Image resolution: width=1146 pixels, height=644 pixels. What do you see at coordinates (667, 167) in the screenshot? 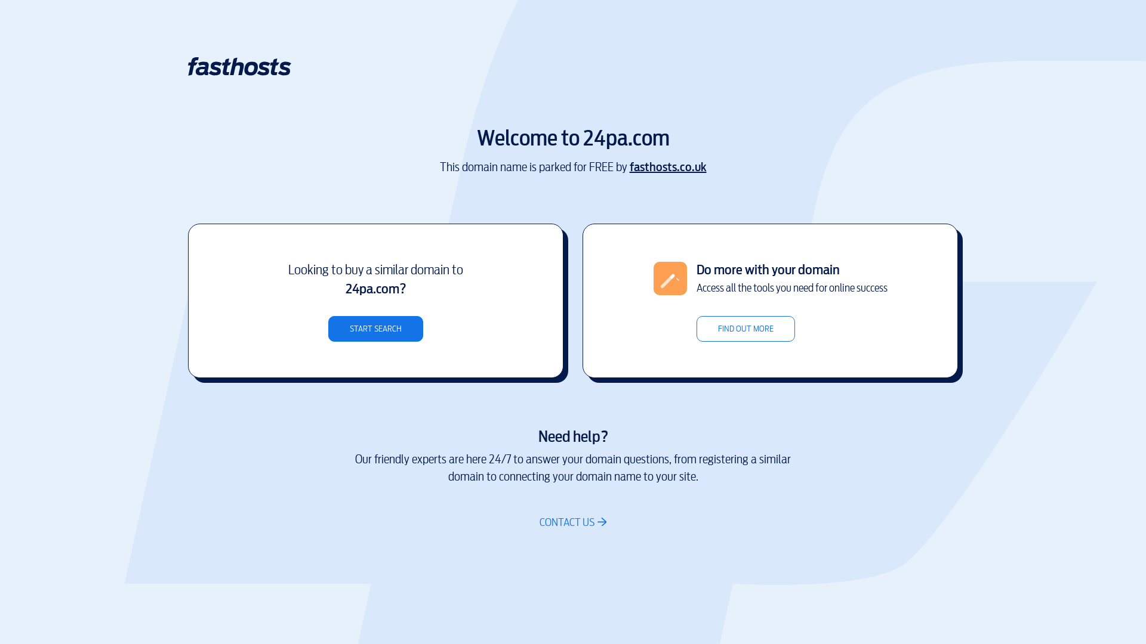
I see `'fasthosts.co.uk'` at bounding box center [667, 167].